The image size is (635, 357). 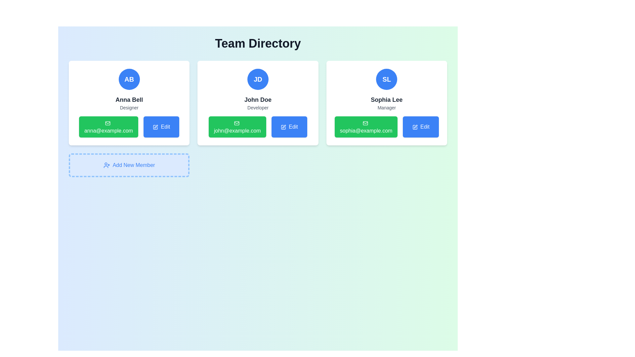 I want to click on the stylized pen or edit icon located at the bottom-right of the 'Edit' button within the 'Anna Bell' card, so click(x=156, y=126).